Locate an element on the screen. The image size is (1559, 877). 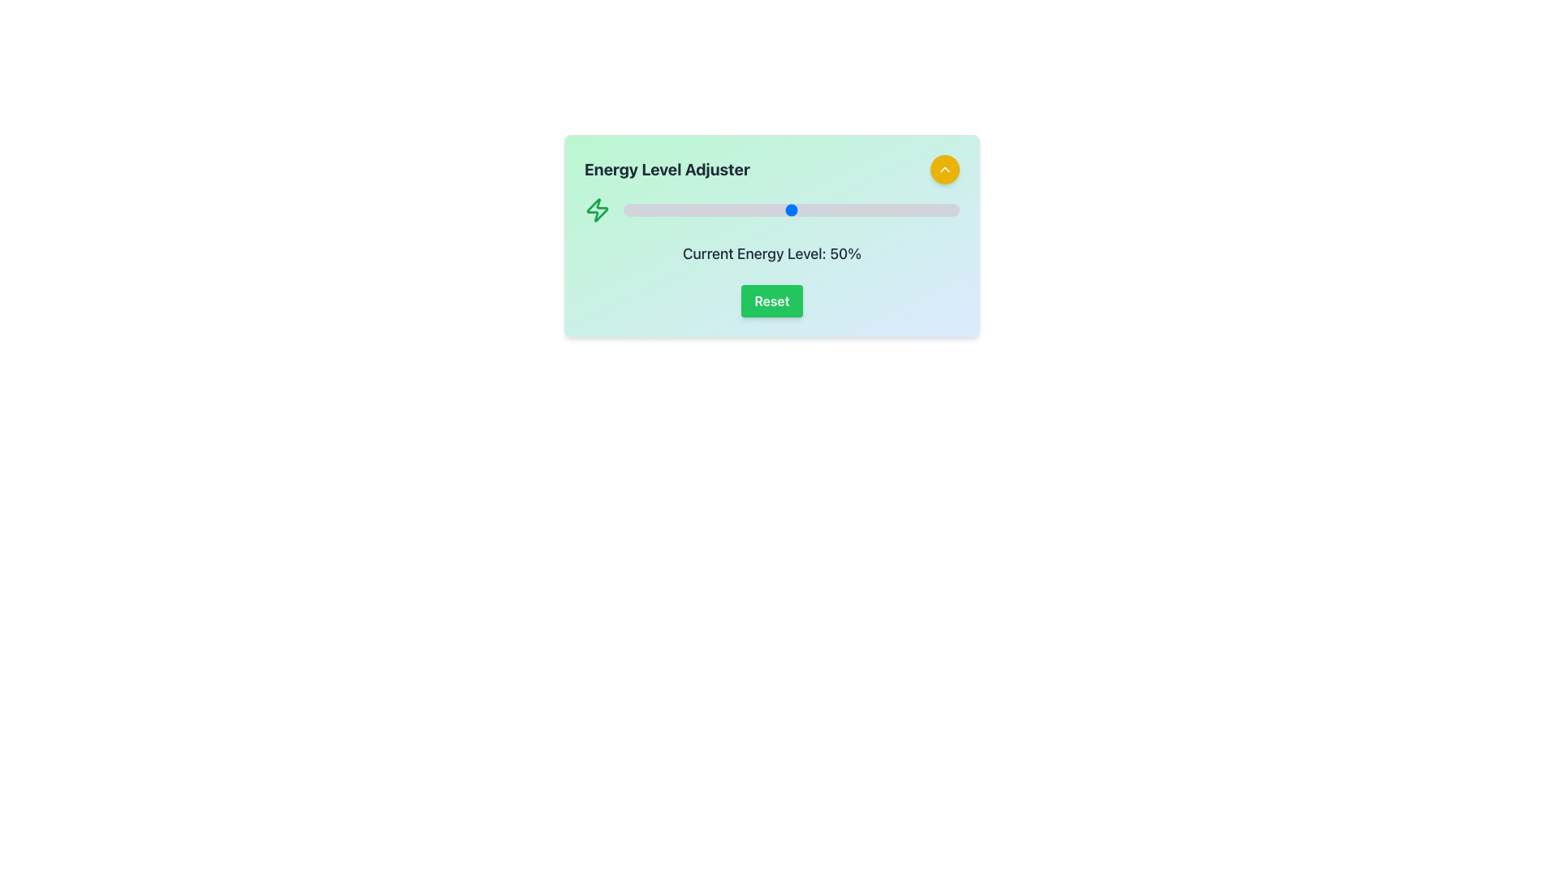
the interactive button for energy level adjustment located at the top of the card interface is located at coordinates (771, 169).